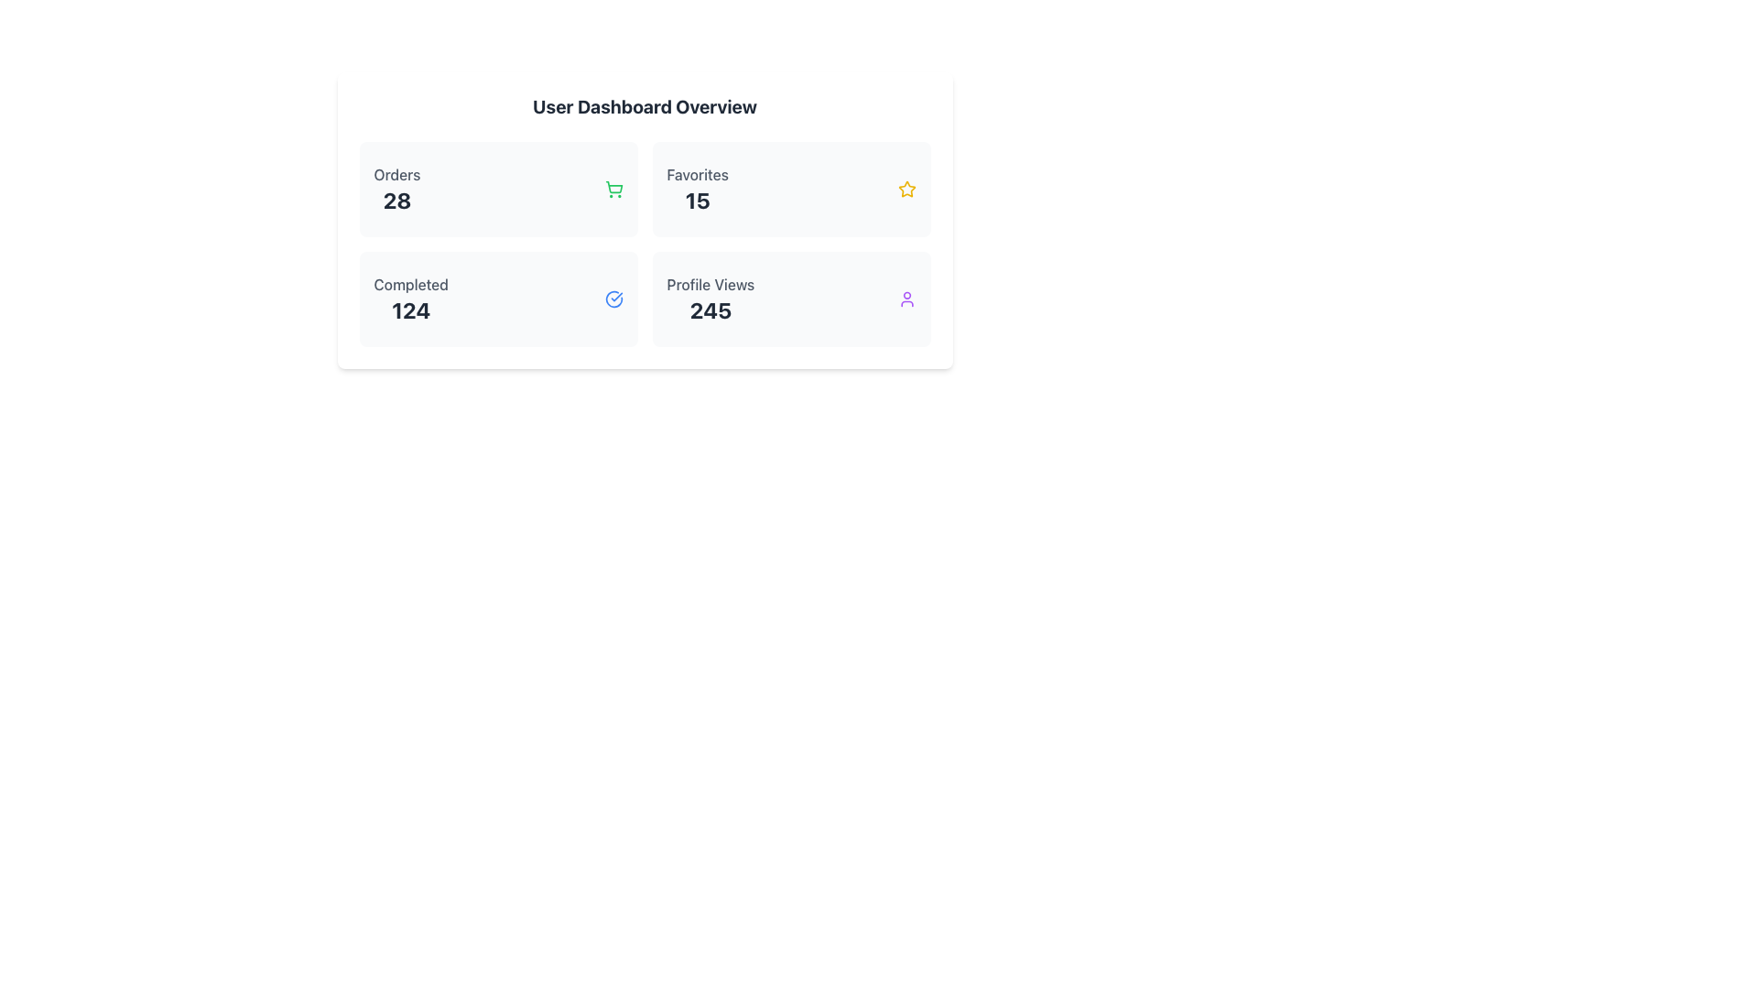 This screenshot has height=989, width=1758. Describe the element at coordinates (410, 285) in the screenshot. I see `the Text Label that indicates the category of the numeric value '124' located on the left side of the second row of the dashboard overview panel` at that location.